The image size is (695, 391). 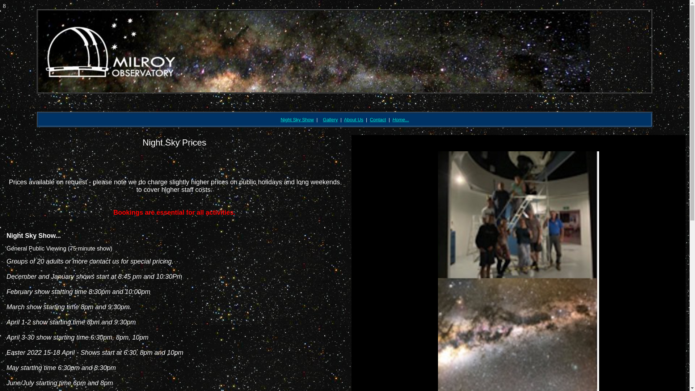 I want to click on 'Gallery', so click(x=330, y=119).